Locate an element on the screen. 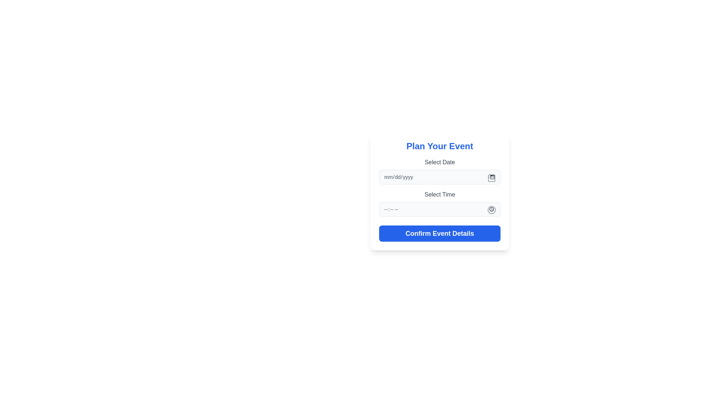  the SVG Rectangle element of the calendar icon located to the right of the 'Select Date' text field is located at coordinates (491, 178).